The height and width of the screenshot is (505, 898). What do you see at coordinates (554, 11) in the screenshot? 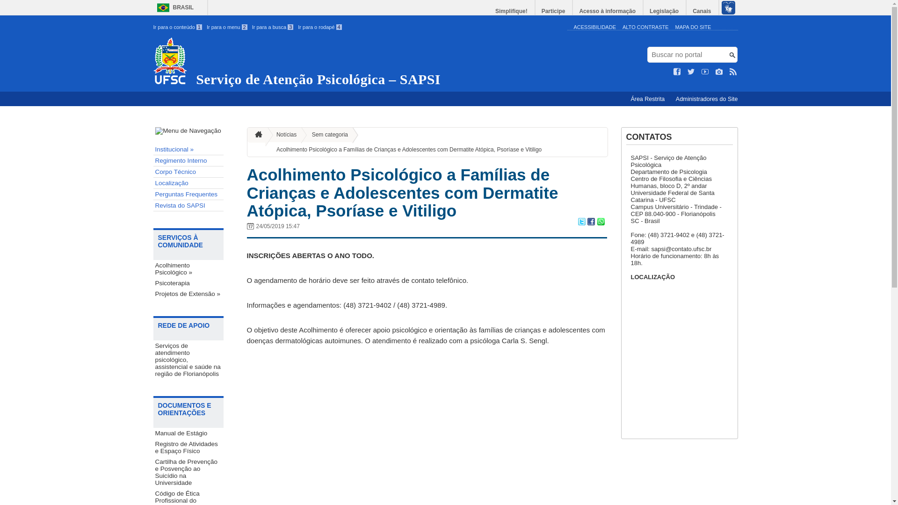
I see `'Participe'` at bounding box center [554, 11].